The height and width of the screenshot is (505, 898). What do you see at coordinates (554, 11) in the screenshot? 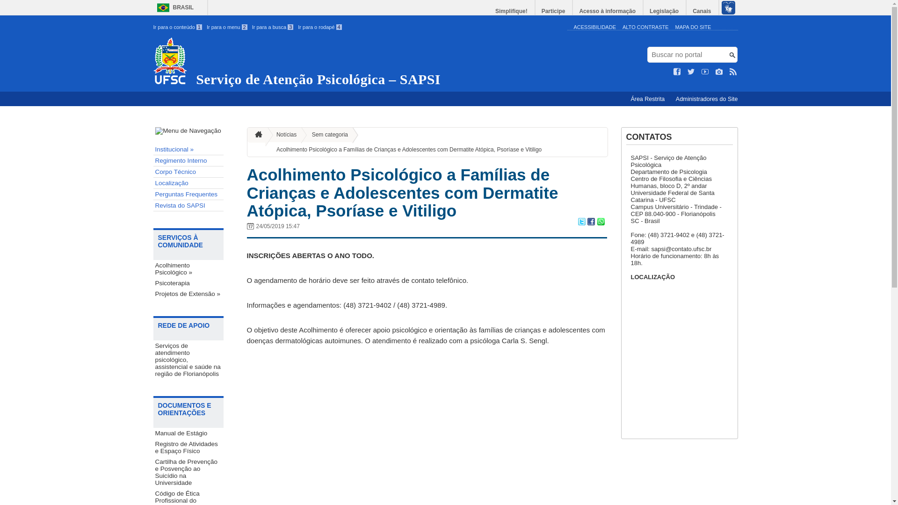
I see `'Participe'` at bounding box center [554, 11].